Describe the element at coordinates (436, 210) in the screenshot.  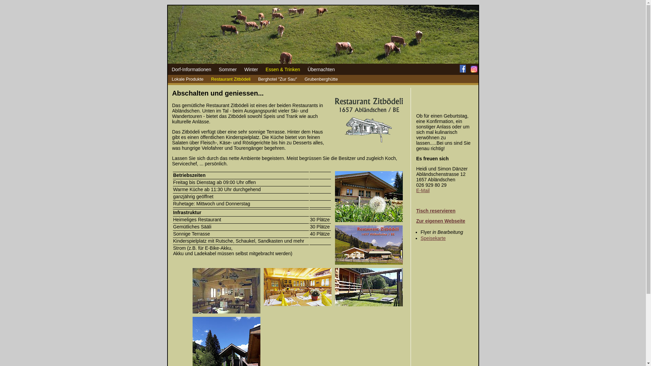
I see `'Tisch reservieren'` at that location.